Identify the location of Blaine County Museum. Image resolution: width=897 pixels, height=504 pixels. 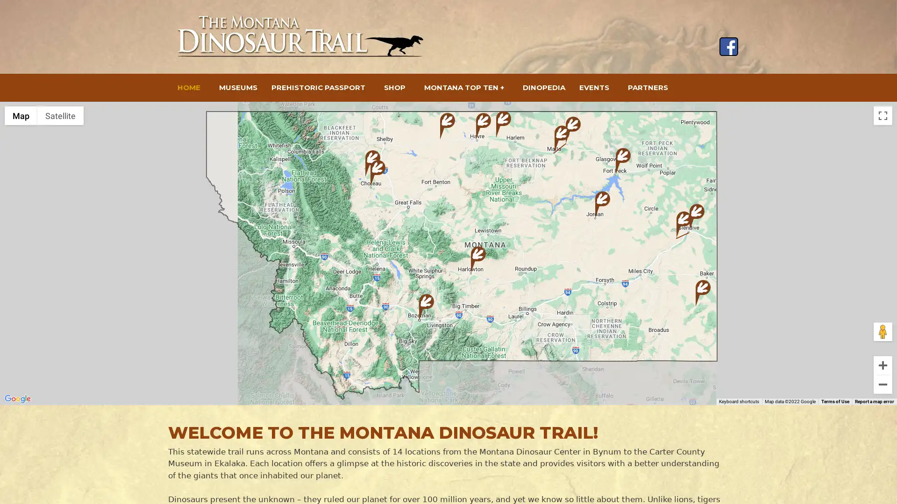
(503, 124).